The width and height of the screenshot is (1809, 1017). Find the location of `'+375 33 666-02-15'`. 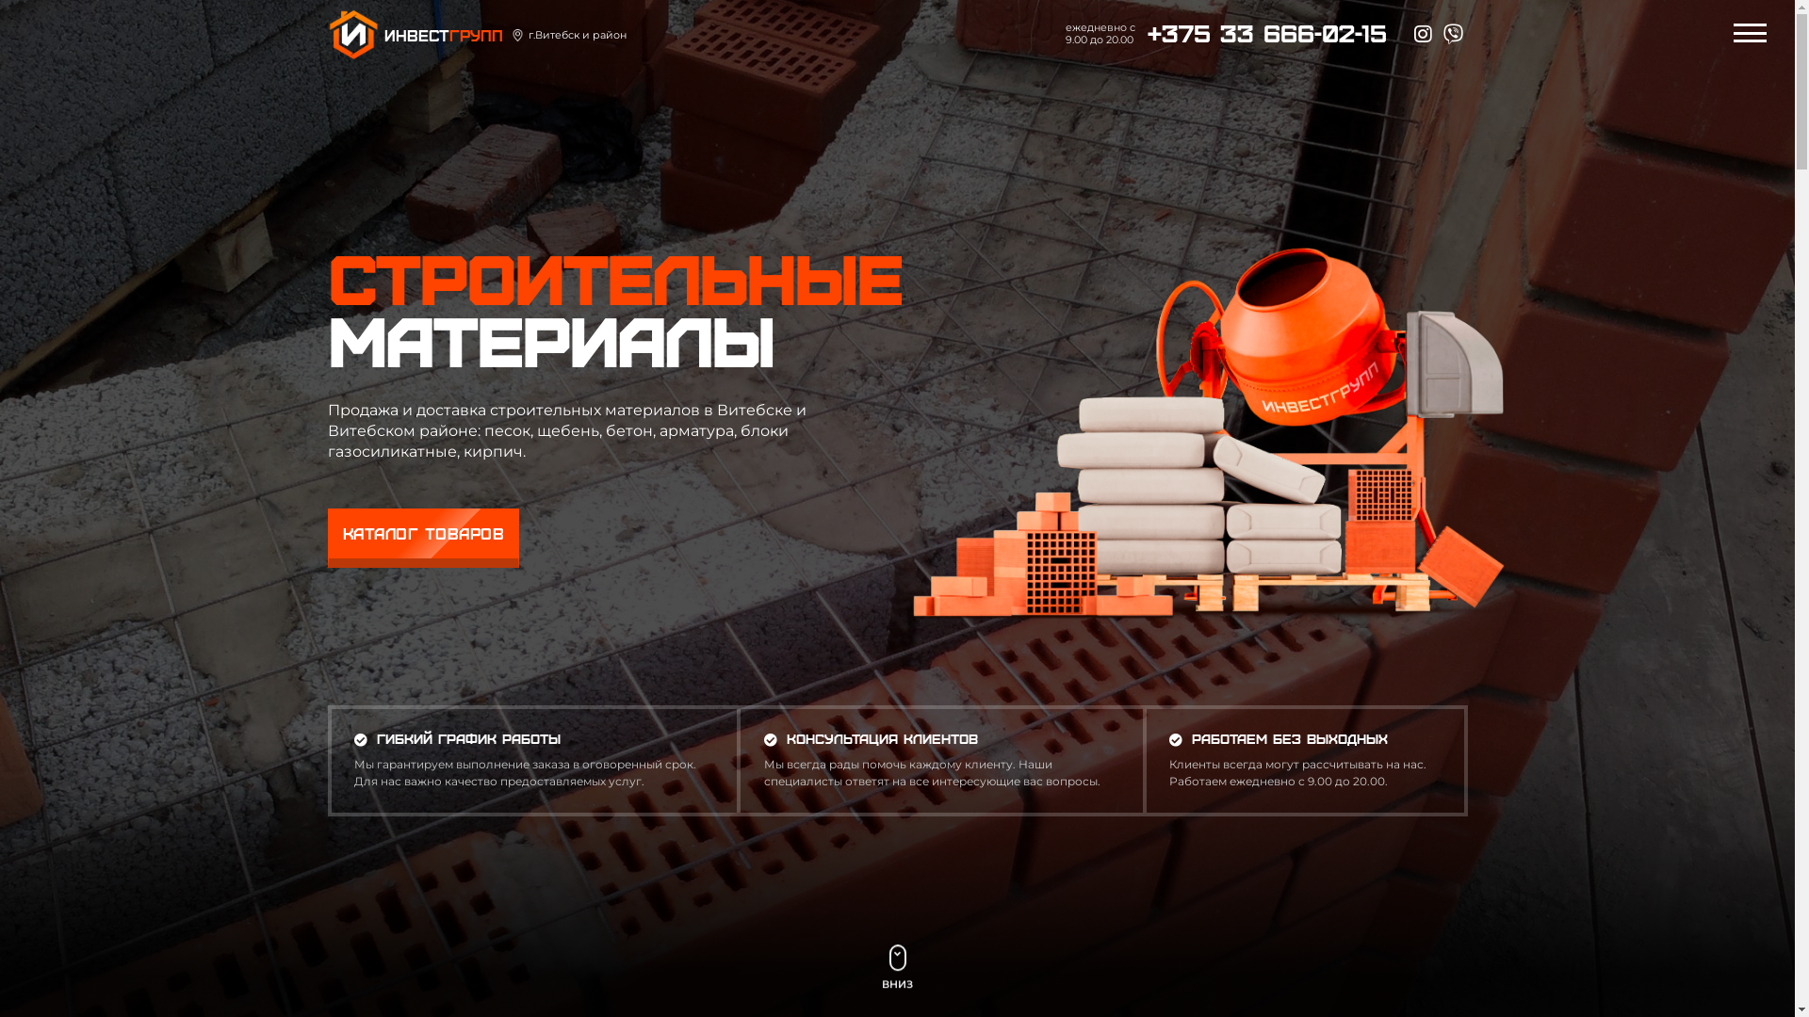

'+375 33 666-02-15' is located at coordinates (1266, 32).